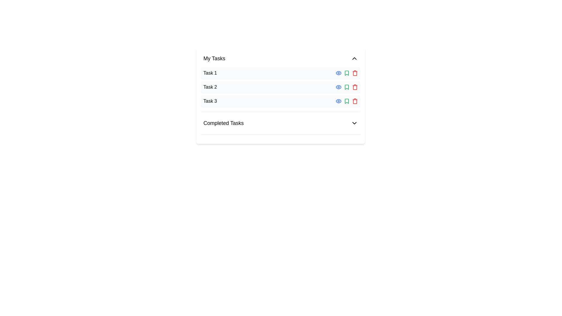 Image resolution: width=562 pixels, height=316 pixels. What do you see at coordinates (347, 87) in the screenshot?
I see `the green-colored bookmark icon in the 'My Tasks' section, specifically the Bookmark Button adjacent to the trash and eye icons in the row labeled 'Task 2', to bookmark the task` at bounding box center [347, 87].